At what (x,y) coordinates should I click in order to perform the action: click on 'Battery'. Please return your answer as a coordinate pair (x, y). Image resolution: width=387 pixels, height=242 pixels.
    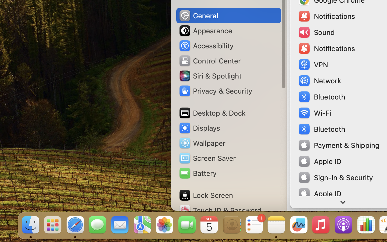
    Looking at the image, I should click on (197, 173).